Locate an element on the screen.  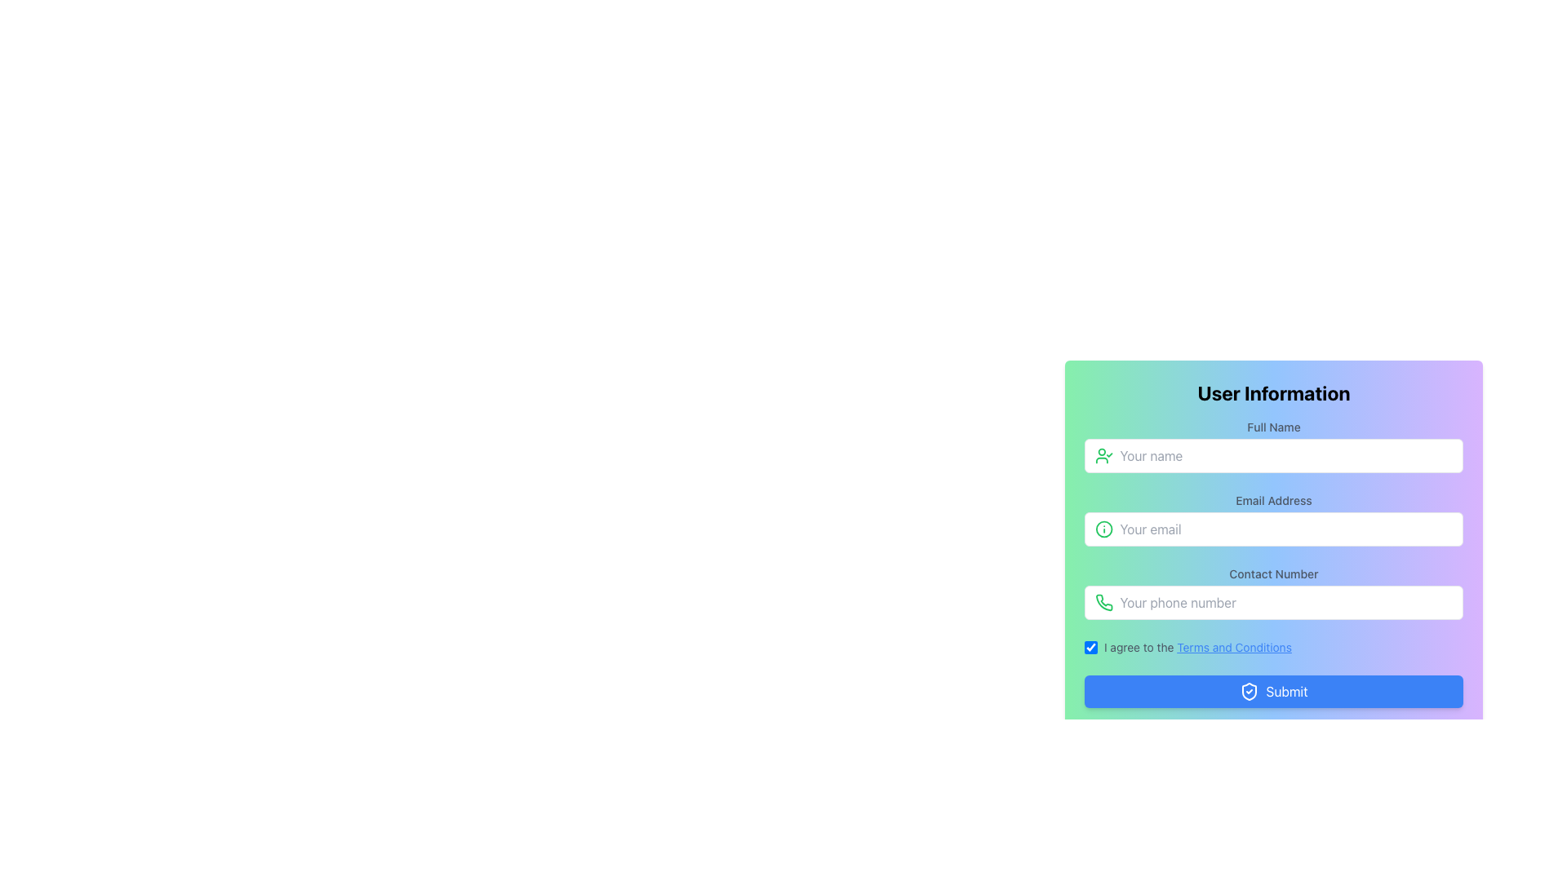
to focus on the Text input field for 'Full Name' in the 'User Information' form, which is the first field in a vertically stacked layout is located at coordinates (1272, 446).